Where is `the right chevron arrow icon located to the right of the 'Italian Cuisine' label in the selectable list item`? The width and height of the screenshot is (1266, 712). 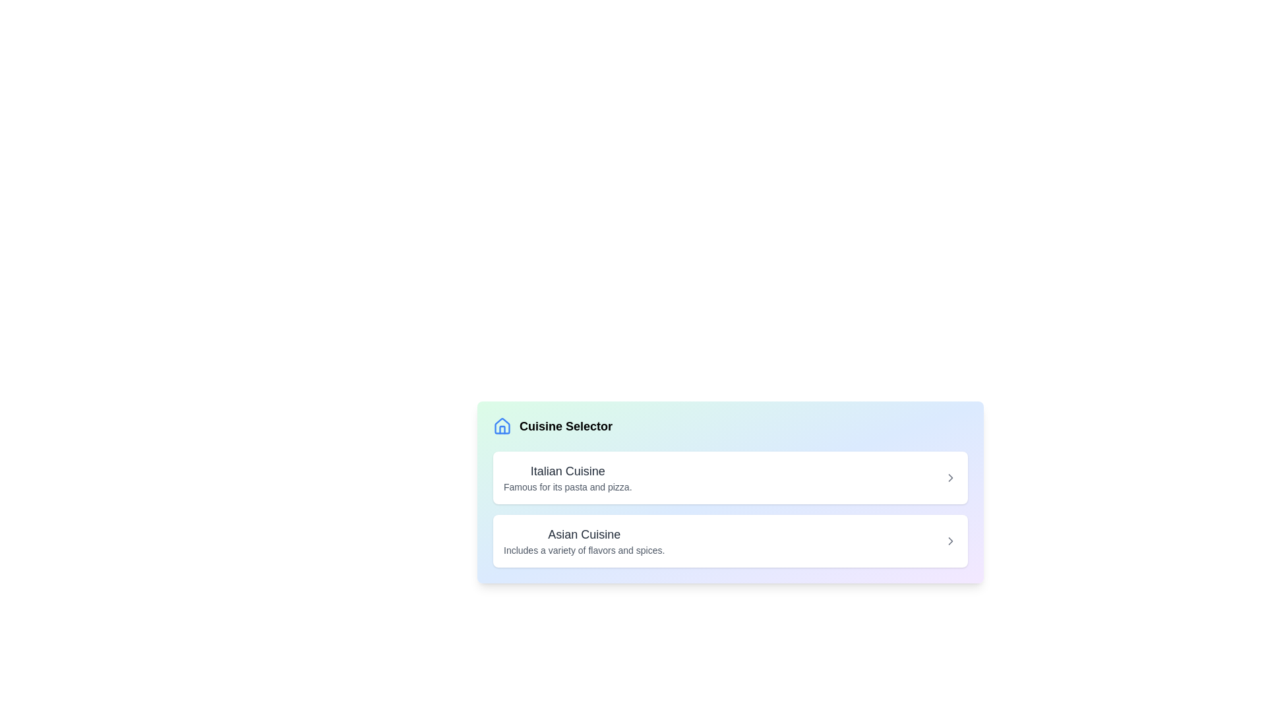 the right chevron arrow icon located to the right of the 'Italian Cuisine' label in the selectable list item is located at coordinates (950, 478).